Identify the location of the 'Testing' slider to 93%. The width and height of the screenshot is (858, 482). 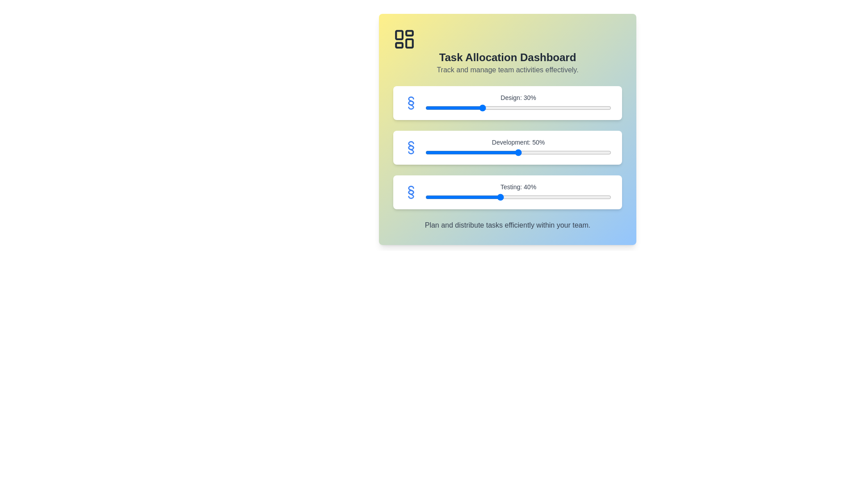
(598, 197).